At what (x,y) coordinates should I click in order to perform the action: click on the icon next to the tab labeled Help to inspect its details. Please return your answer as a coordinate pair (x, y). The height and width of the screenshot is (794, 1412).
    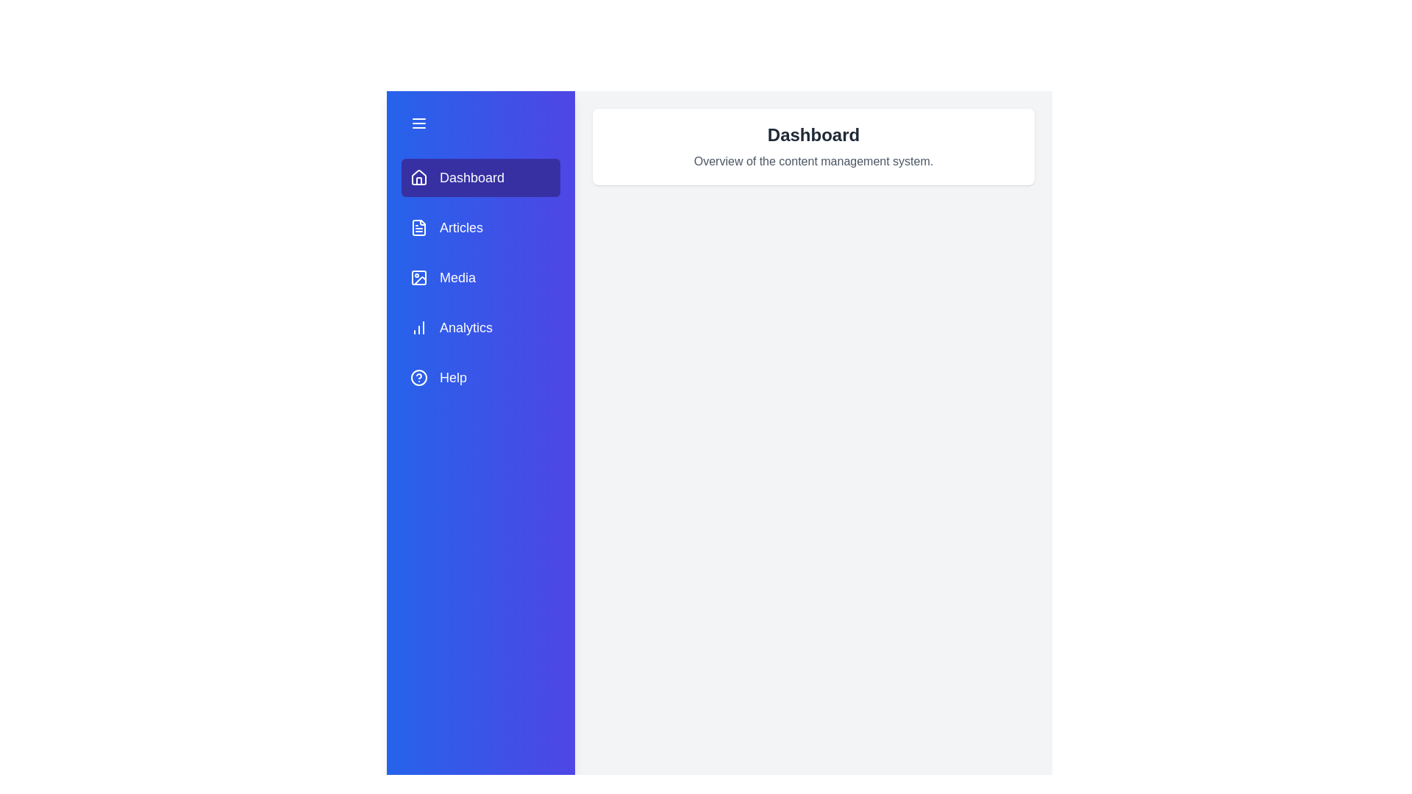
    Looking at the image, I should click on (418, 376).